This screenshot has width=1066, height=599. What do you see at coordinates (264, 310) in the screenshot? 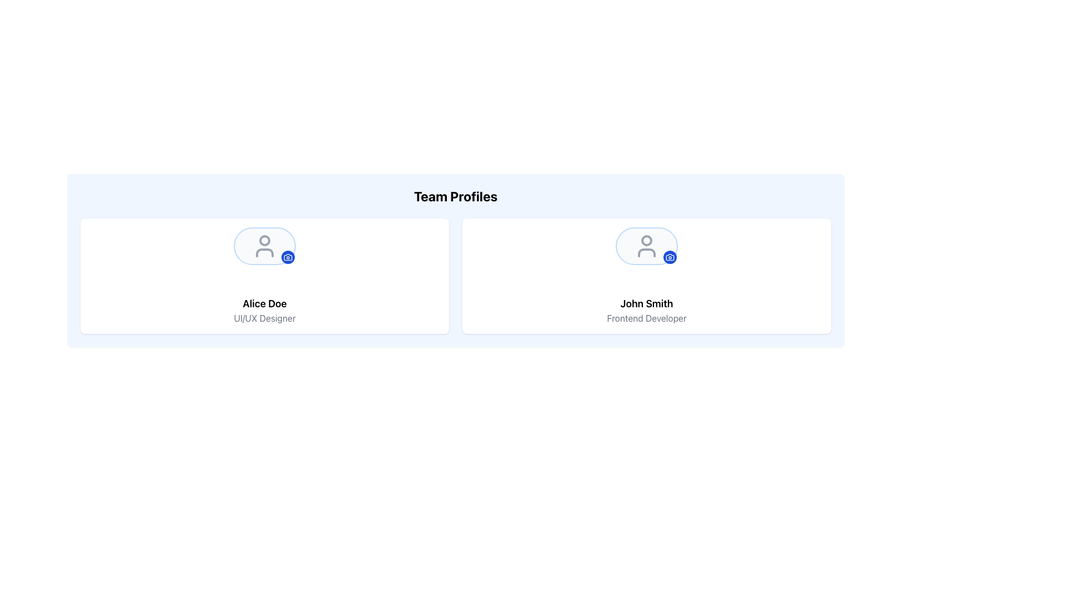
I see `the text display component that shows the profile name and job title, positioned below the avatar icon in the left card of the 'Team Profiles' section` at bounding box center [264, 310].